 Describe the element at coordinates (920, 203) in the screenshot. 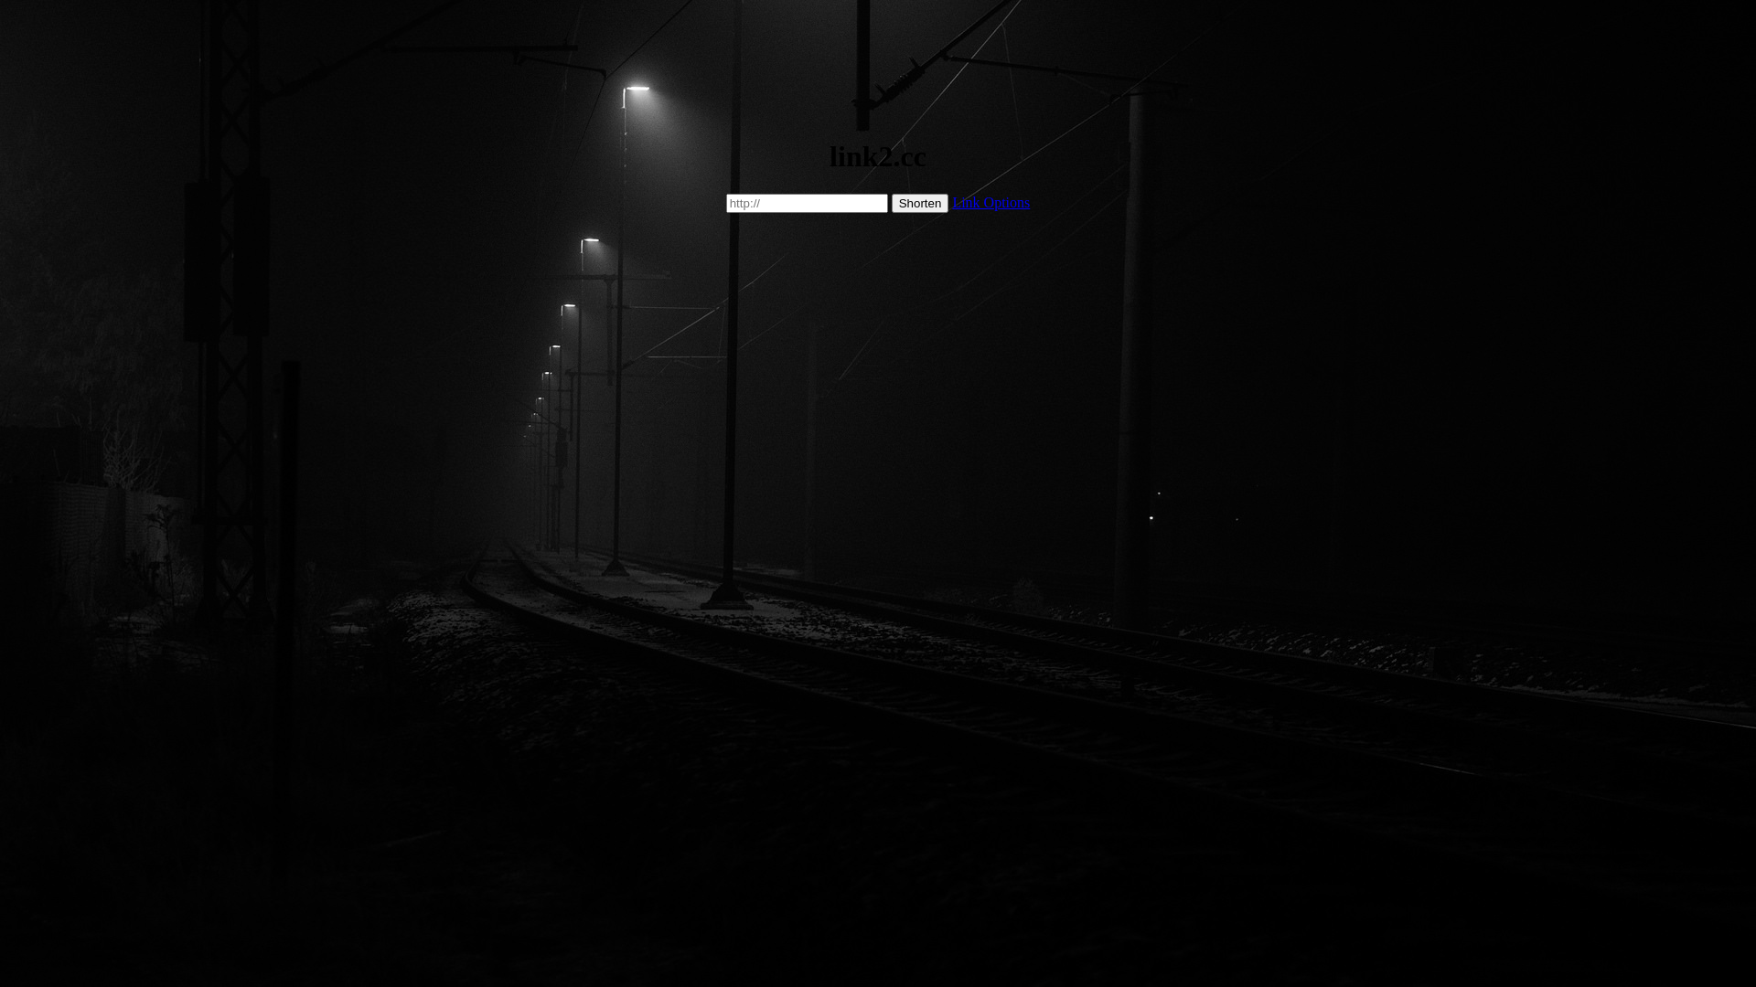

I see `'Shorten'` at that location.